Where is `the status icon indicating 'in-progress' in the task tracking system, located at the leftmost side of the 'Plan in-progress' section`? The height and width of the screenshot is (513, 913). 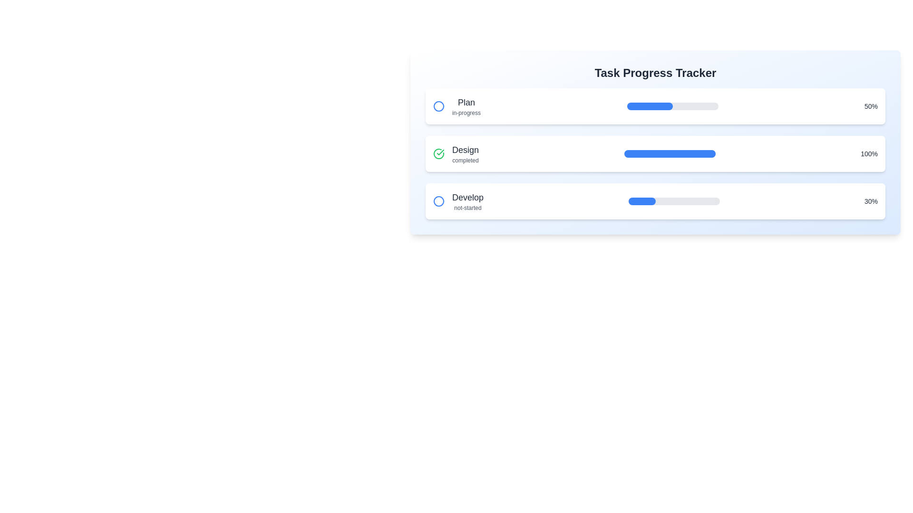 the status icon indicating 'in-progress' in the task tracking system, located at the leftmost side of the 'Plan in-progress' section is located at coordinates (438, 106).